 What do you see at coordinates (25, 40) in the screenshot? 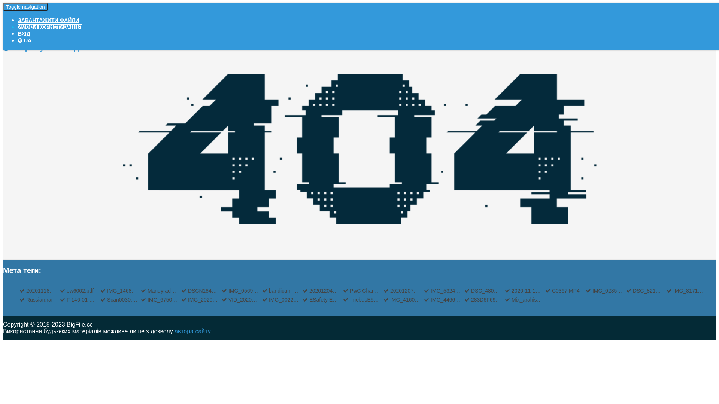
I see `'UA'` at bounding box center [25, 40].